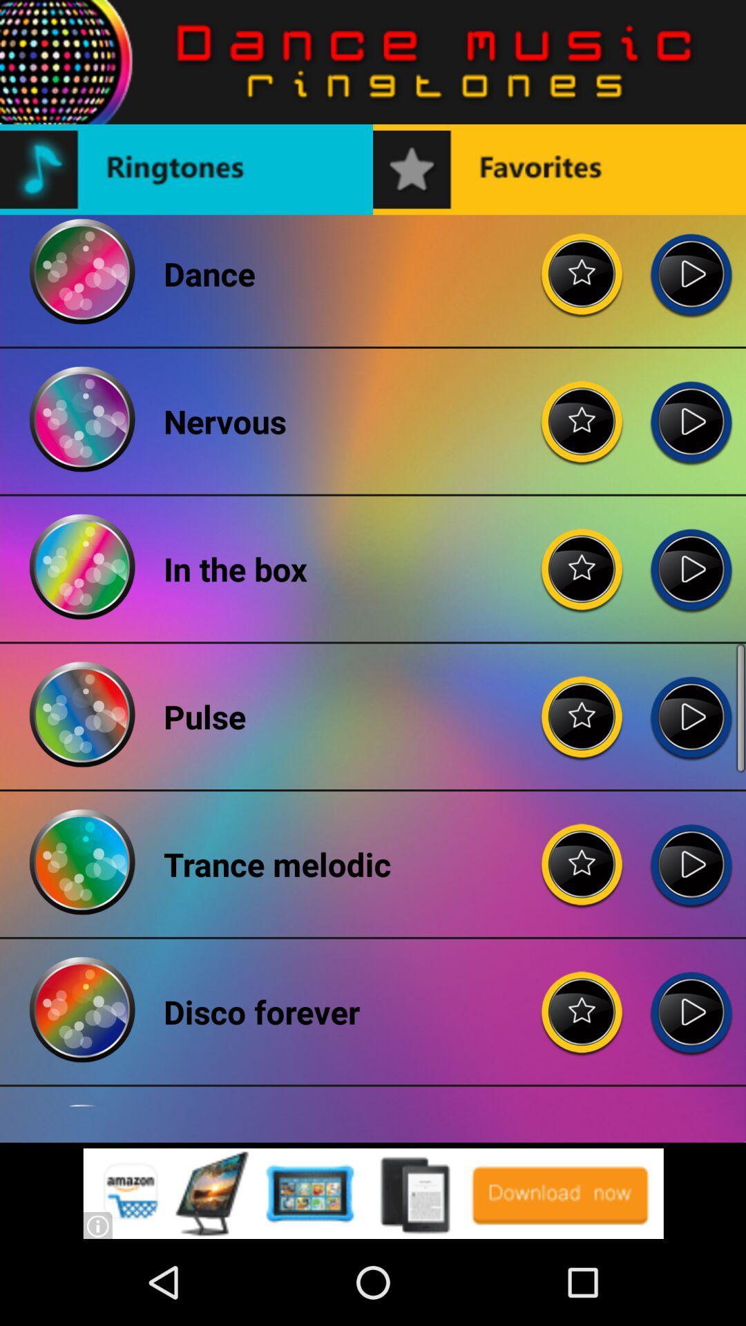 The width and height of the screenshot is (746, 1326). Describe the element at coordinates (582, 706) in the screenshot. I see `click the ratting` at that location.